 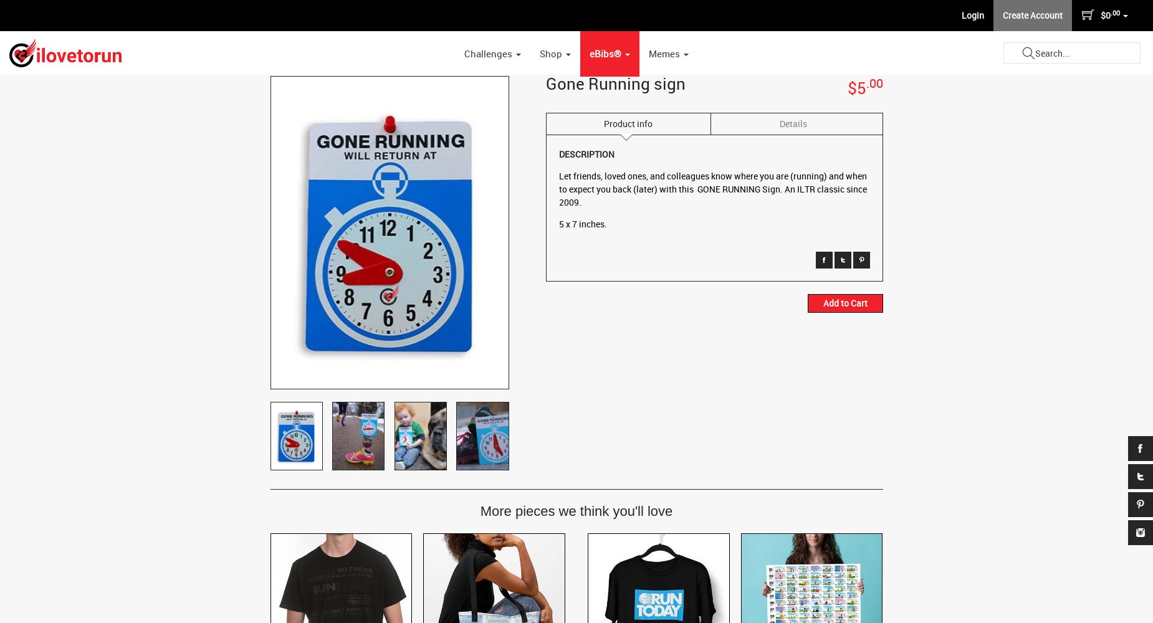 I want to click on '$0', so click(x=1101, y=15).